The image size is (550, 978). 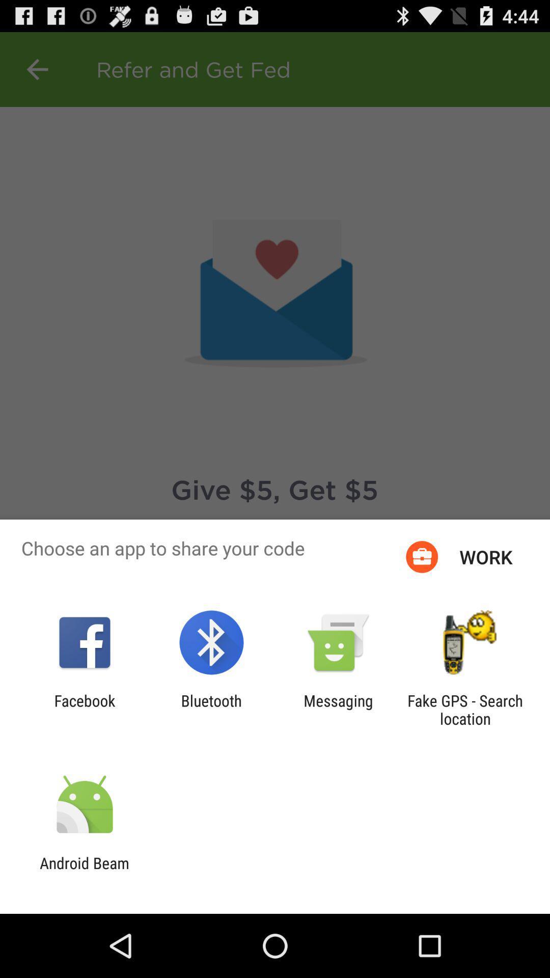 I want to click on the app to the left of fake gps search icon, so click(x=338, y=709).